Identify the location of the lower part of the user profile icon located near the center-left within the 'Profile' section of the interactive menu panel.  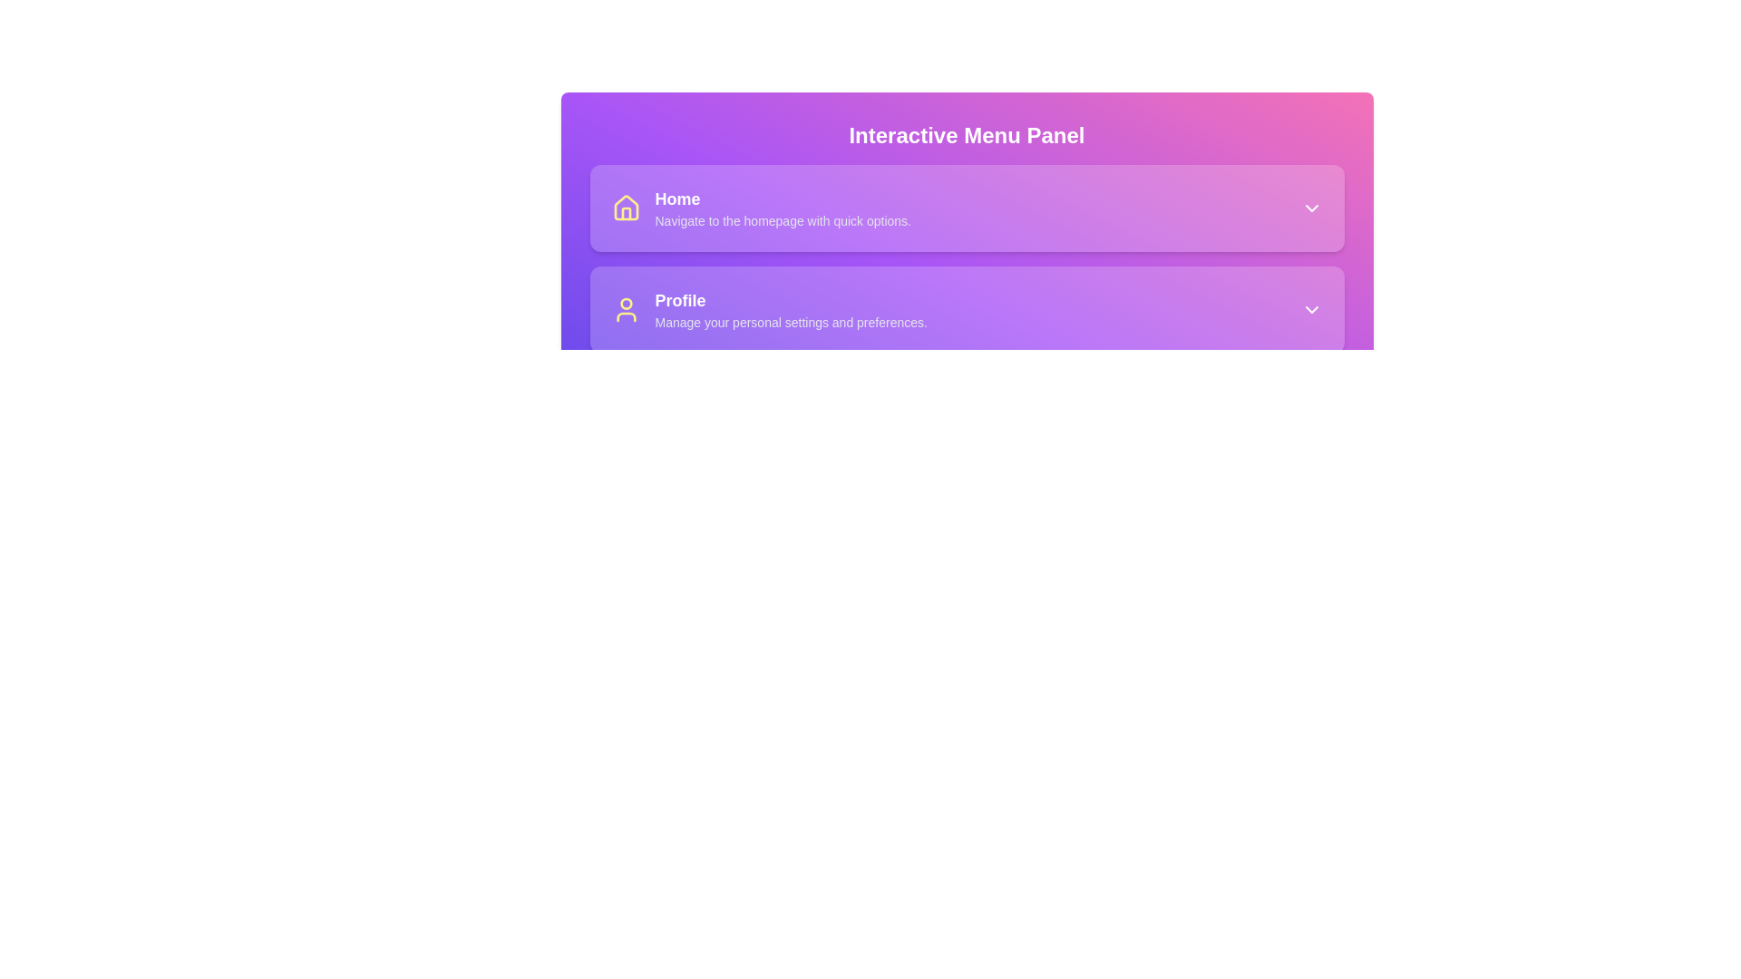
(626, 316).